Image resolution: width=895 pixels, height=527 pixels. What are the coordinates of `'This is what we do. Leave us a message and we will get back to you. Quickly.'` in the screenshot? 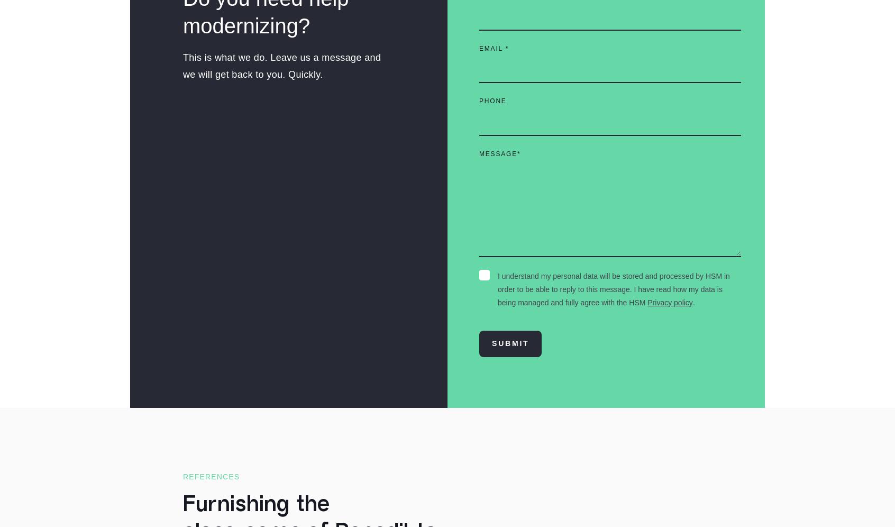 It's located at (182, 66).